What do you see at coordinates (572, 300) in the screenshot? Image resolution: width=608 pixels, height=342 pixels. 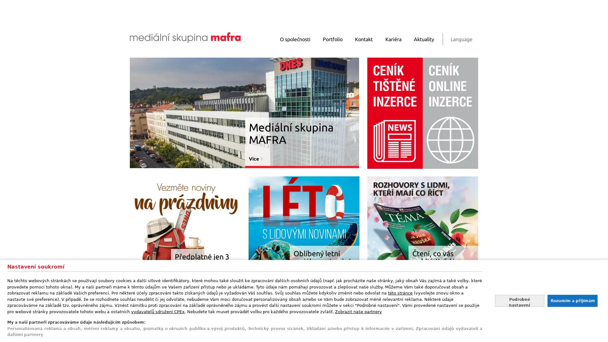 I see `Souhlasit s nasim zpracovanim udaju a zavrit` at bounding box center [572, 300].